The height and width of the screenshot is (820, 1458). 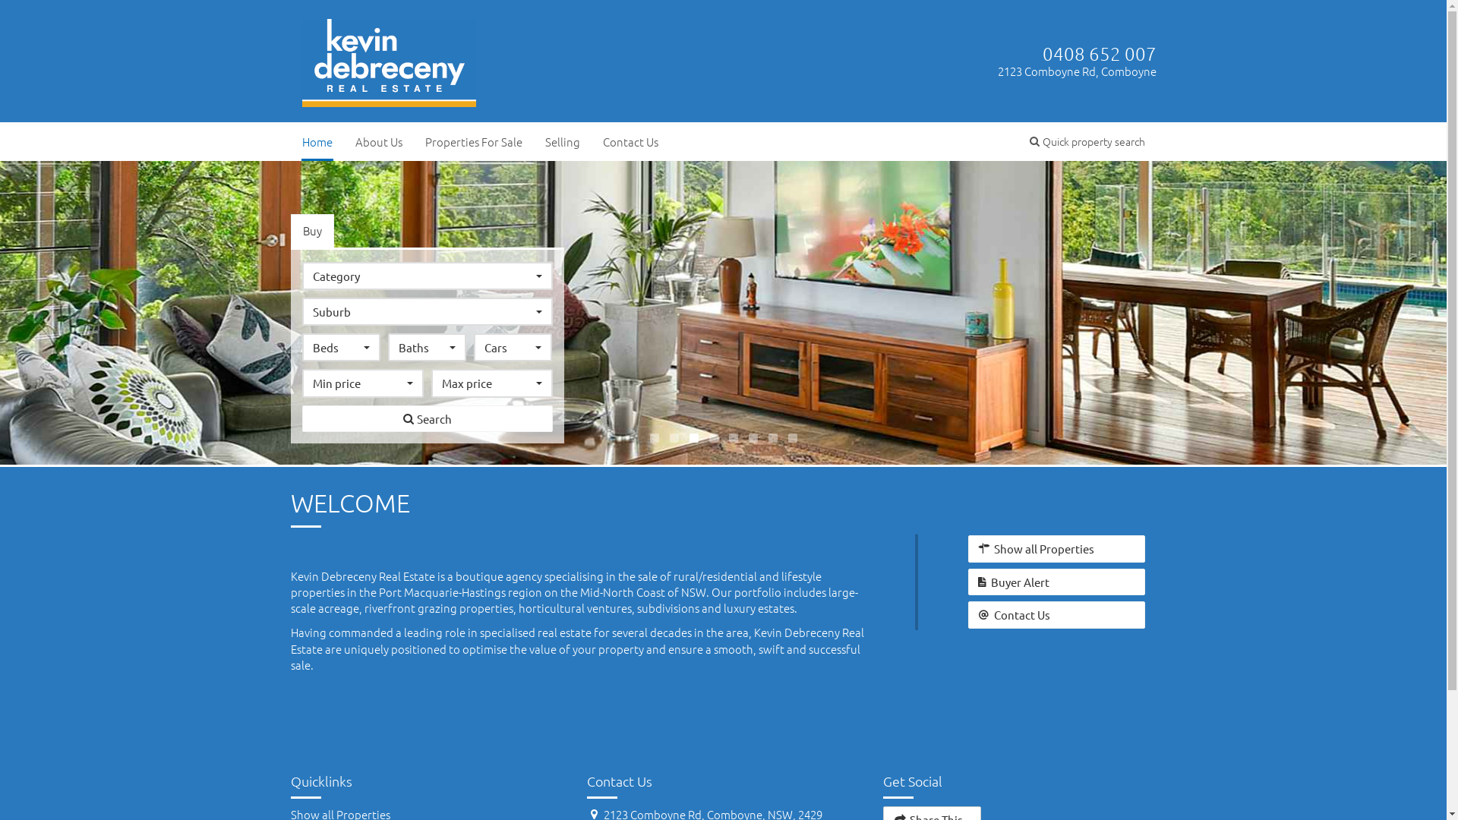 I want to click on 'Properties For Sale', so click(x=472, y=141).